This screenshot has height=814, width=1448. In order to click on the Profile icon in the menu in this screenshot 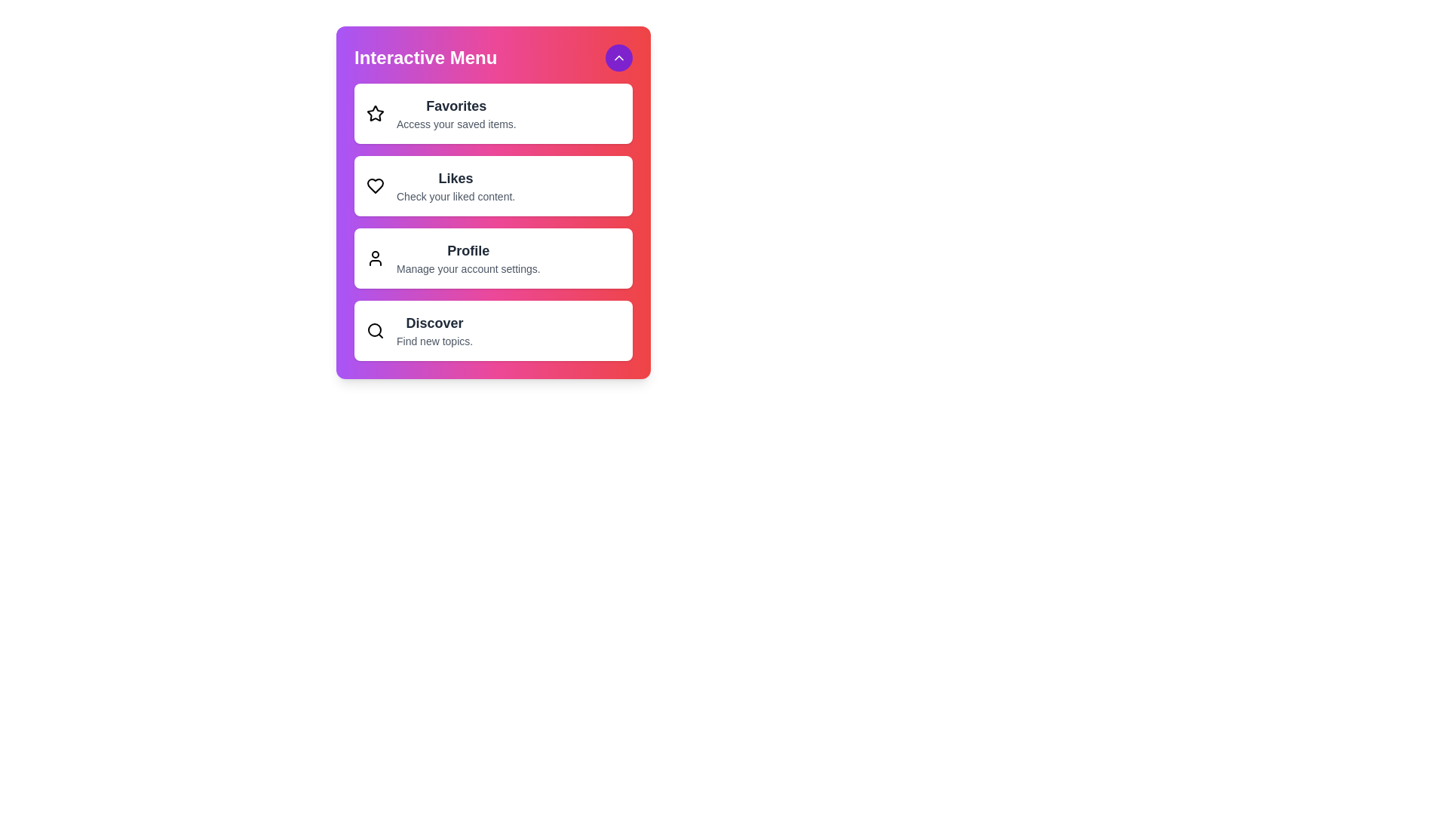, I will do `click(376, 258)`.